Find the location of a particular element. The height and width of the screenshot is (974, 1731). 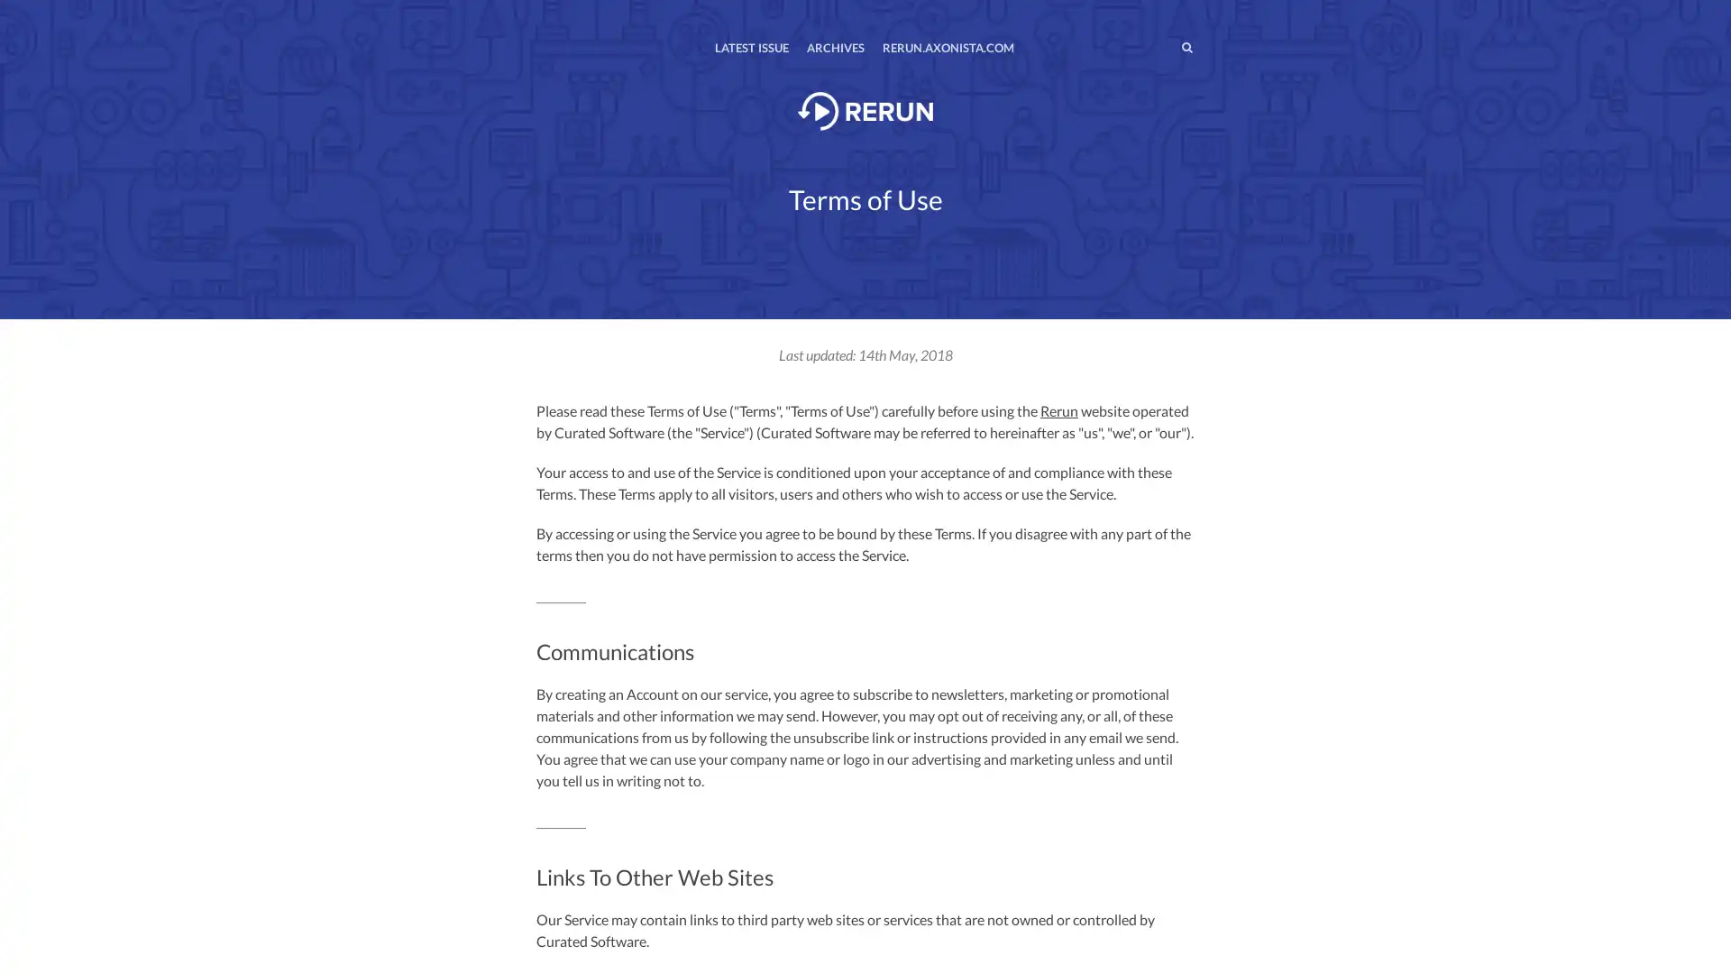

SEARCH is located at coordinates (1149, 46).